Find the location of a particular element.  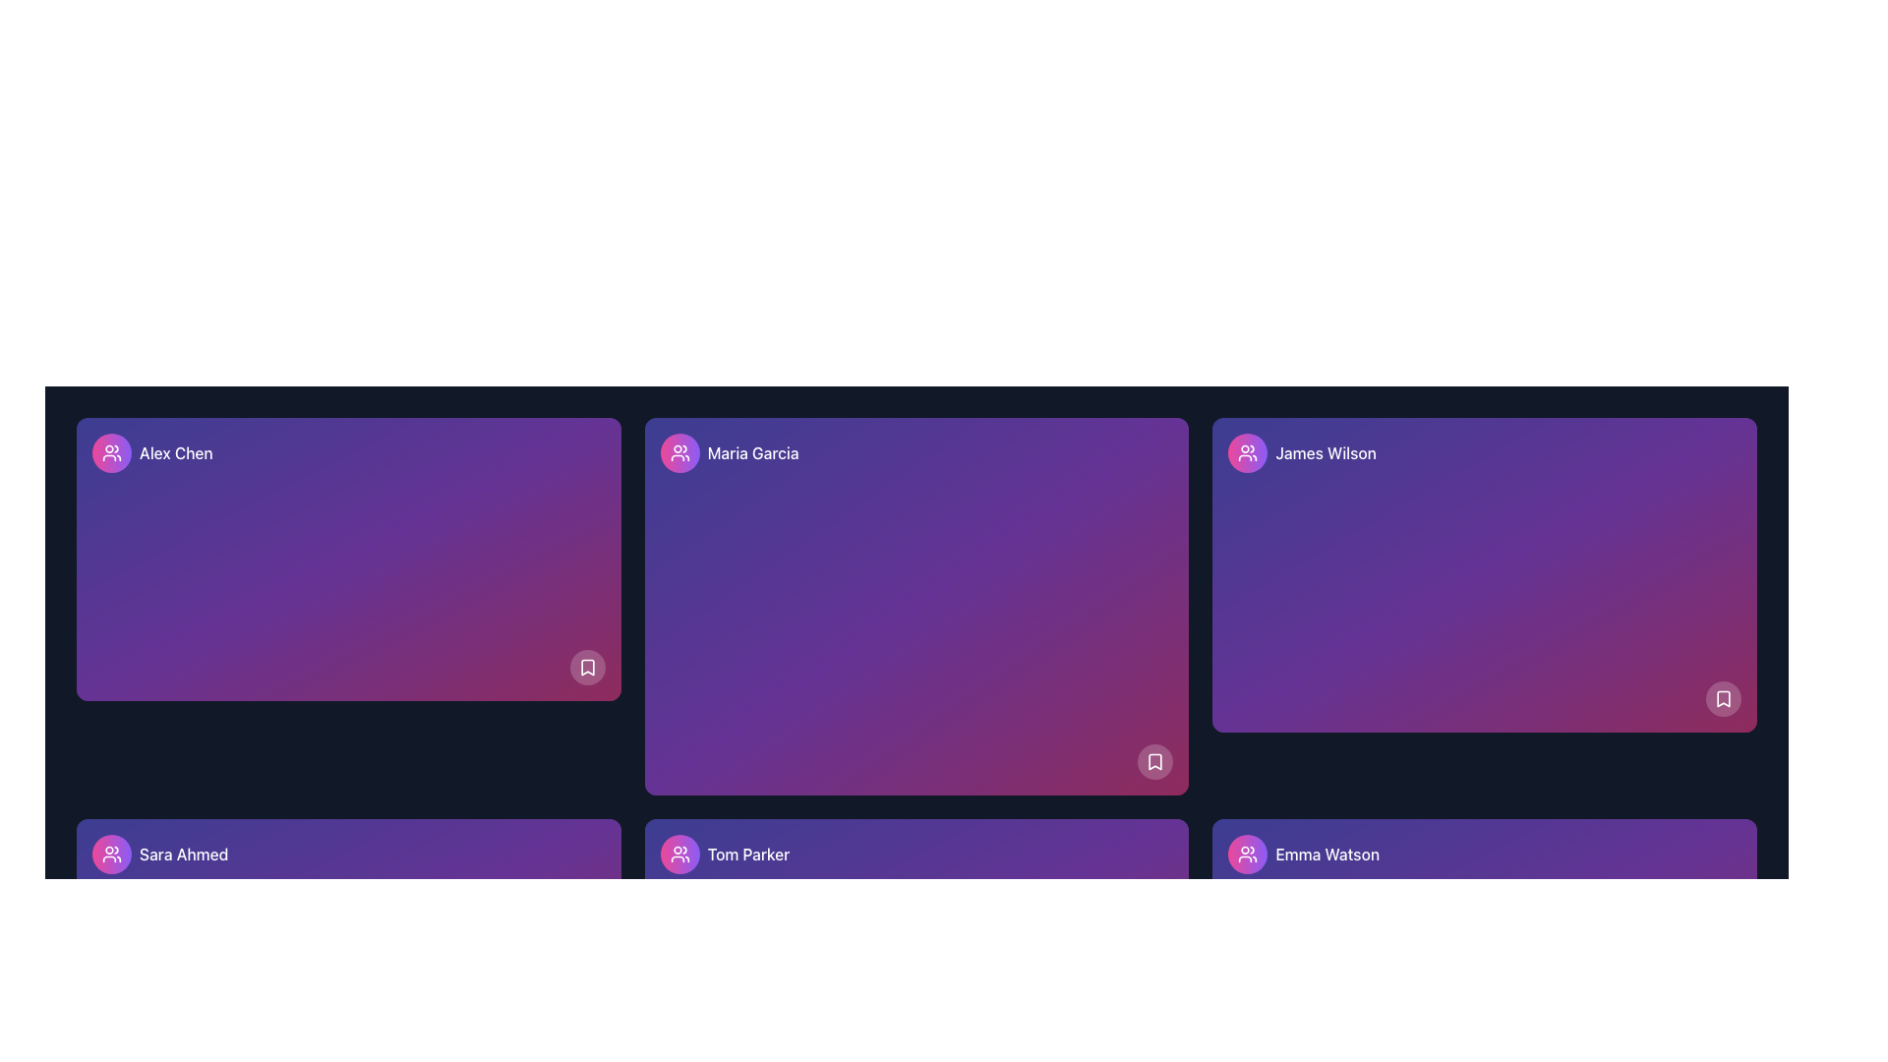

the circular badge icon-like avatar with a gradient background and white user profiles icon, located is located at coordinates (679, 453).